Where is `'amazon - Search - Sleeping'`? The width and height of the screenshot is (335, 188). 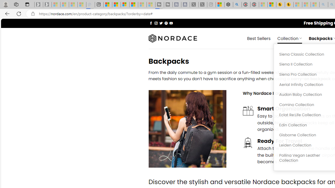
'amazon - Search - Sleeping' is located at coordinates (323, 4).